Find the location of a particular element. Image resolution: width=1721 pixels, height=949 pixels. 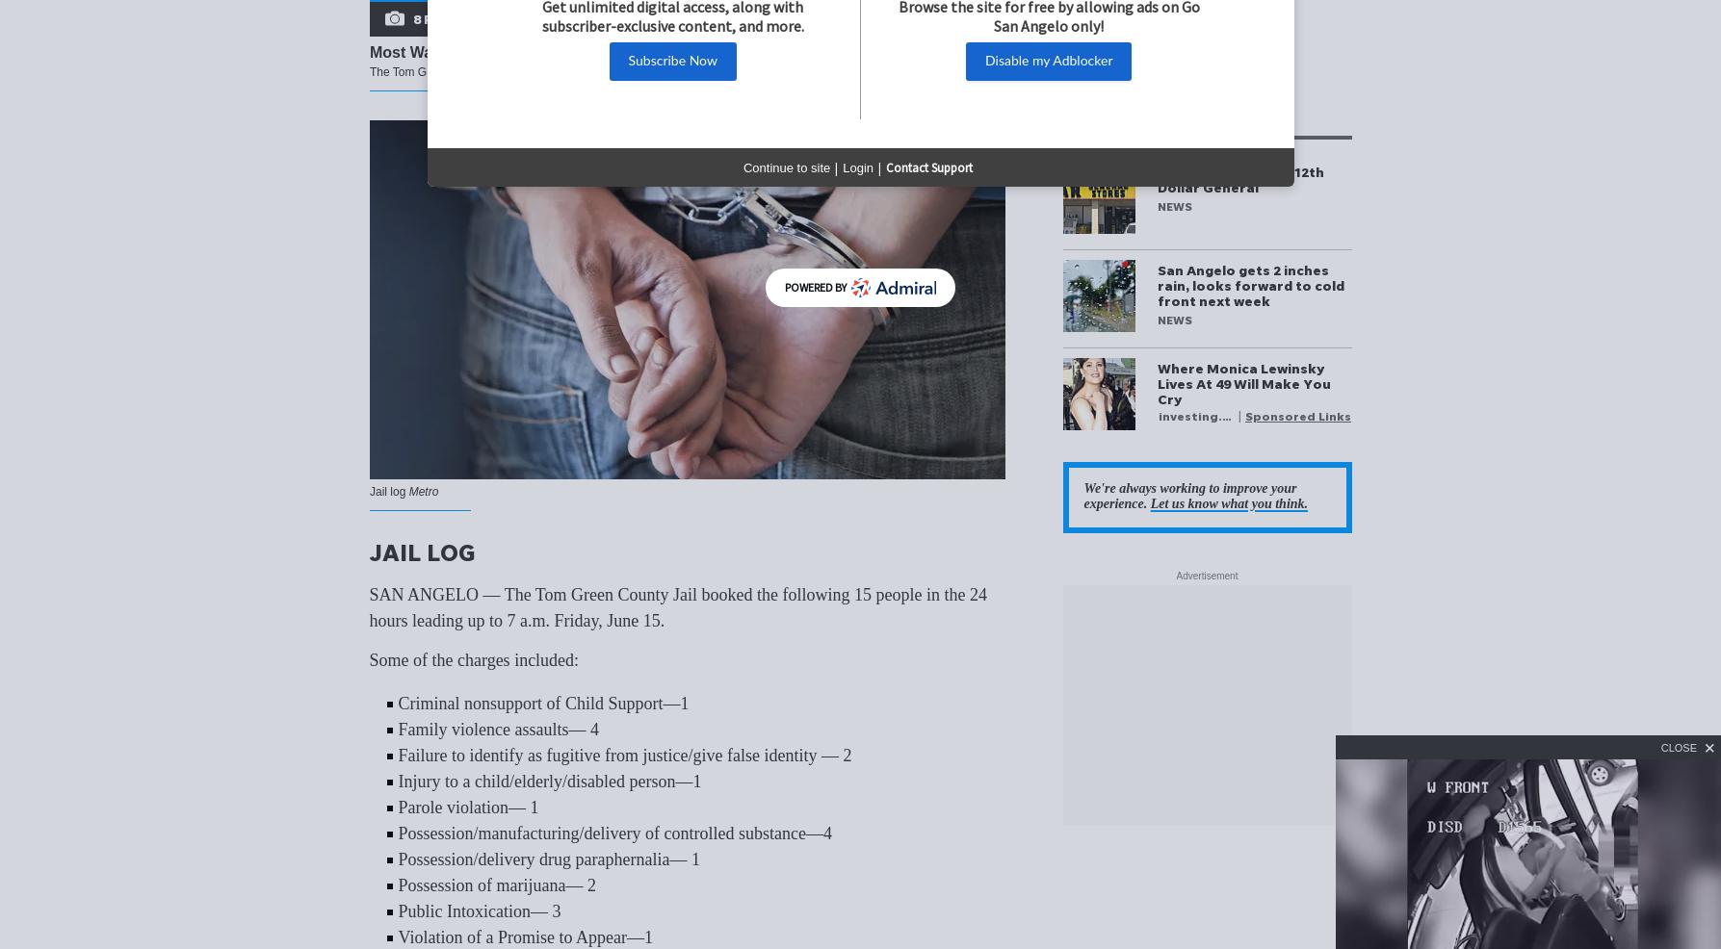

'Criminal nonsupport of Child Support—1' is located at coordinates (541, 703).